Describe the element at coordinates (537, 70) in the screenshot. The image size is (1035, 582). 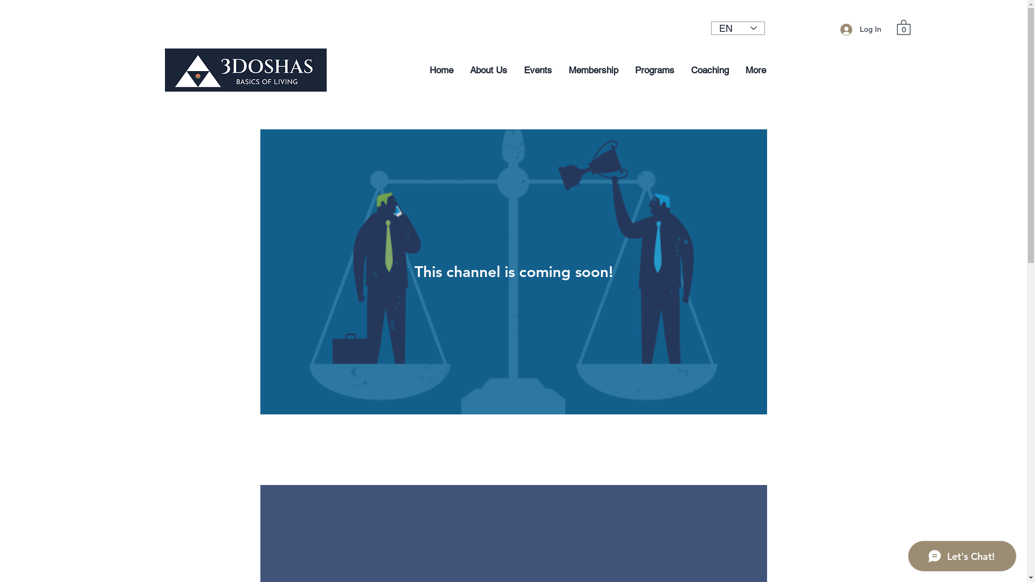
I see `'Events'` at that location.